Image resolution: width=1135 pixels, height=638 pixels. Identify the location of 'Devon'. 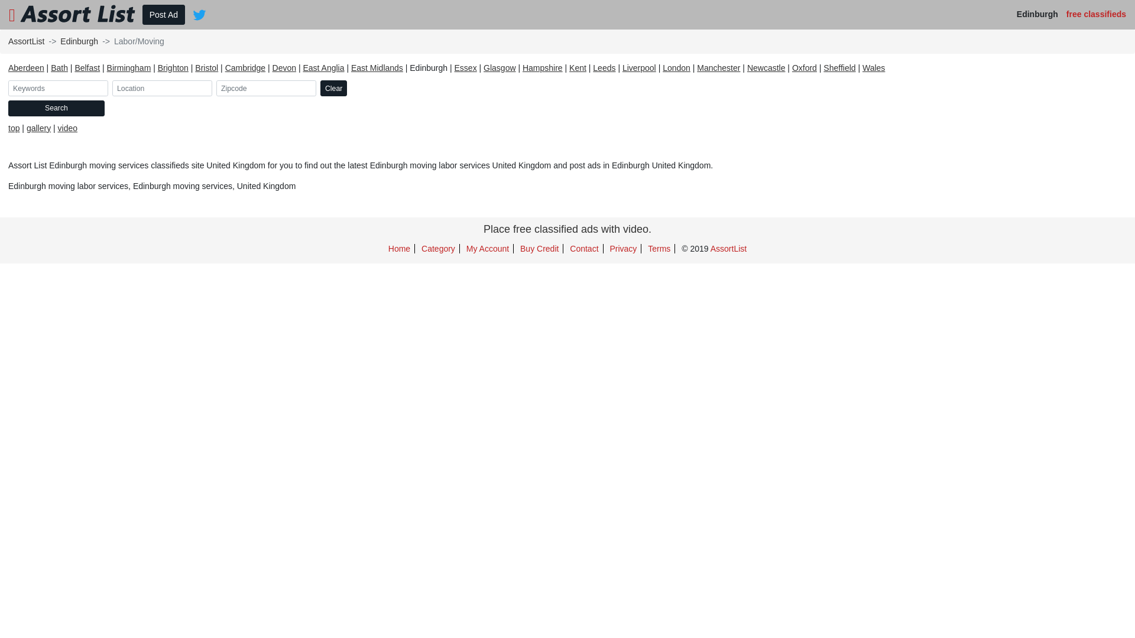
(271, 68).